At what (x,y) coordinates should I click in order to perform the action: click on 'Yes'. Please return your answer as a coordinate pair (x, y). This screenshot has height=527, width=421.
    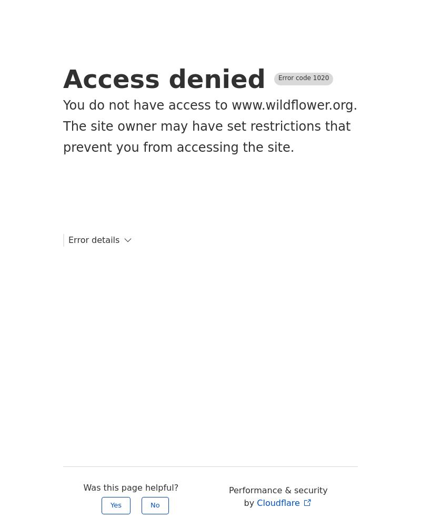
    Looking at the image, I should click on (115, 504).